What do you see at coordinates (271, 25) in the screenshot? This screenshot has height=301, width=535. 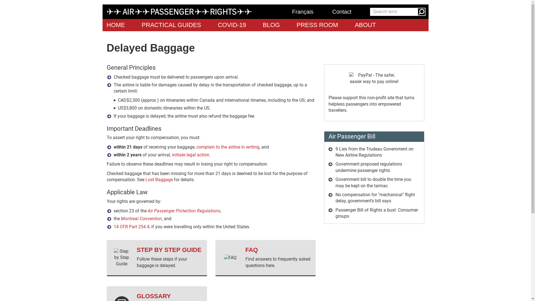 I see `'BLOG'` at bounding box center [271, 25].